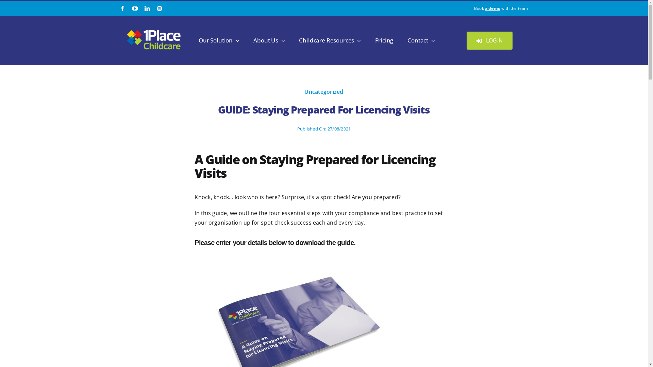  Describe the element at coordinates (484, 8) in the screenshot. I see `'a demo'` at that location.